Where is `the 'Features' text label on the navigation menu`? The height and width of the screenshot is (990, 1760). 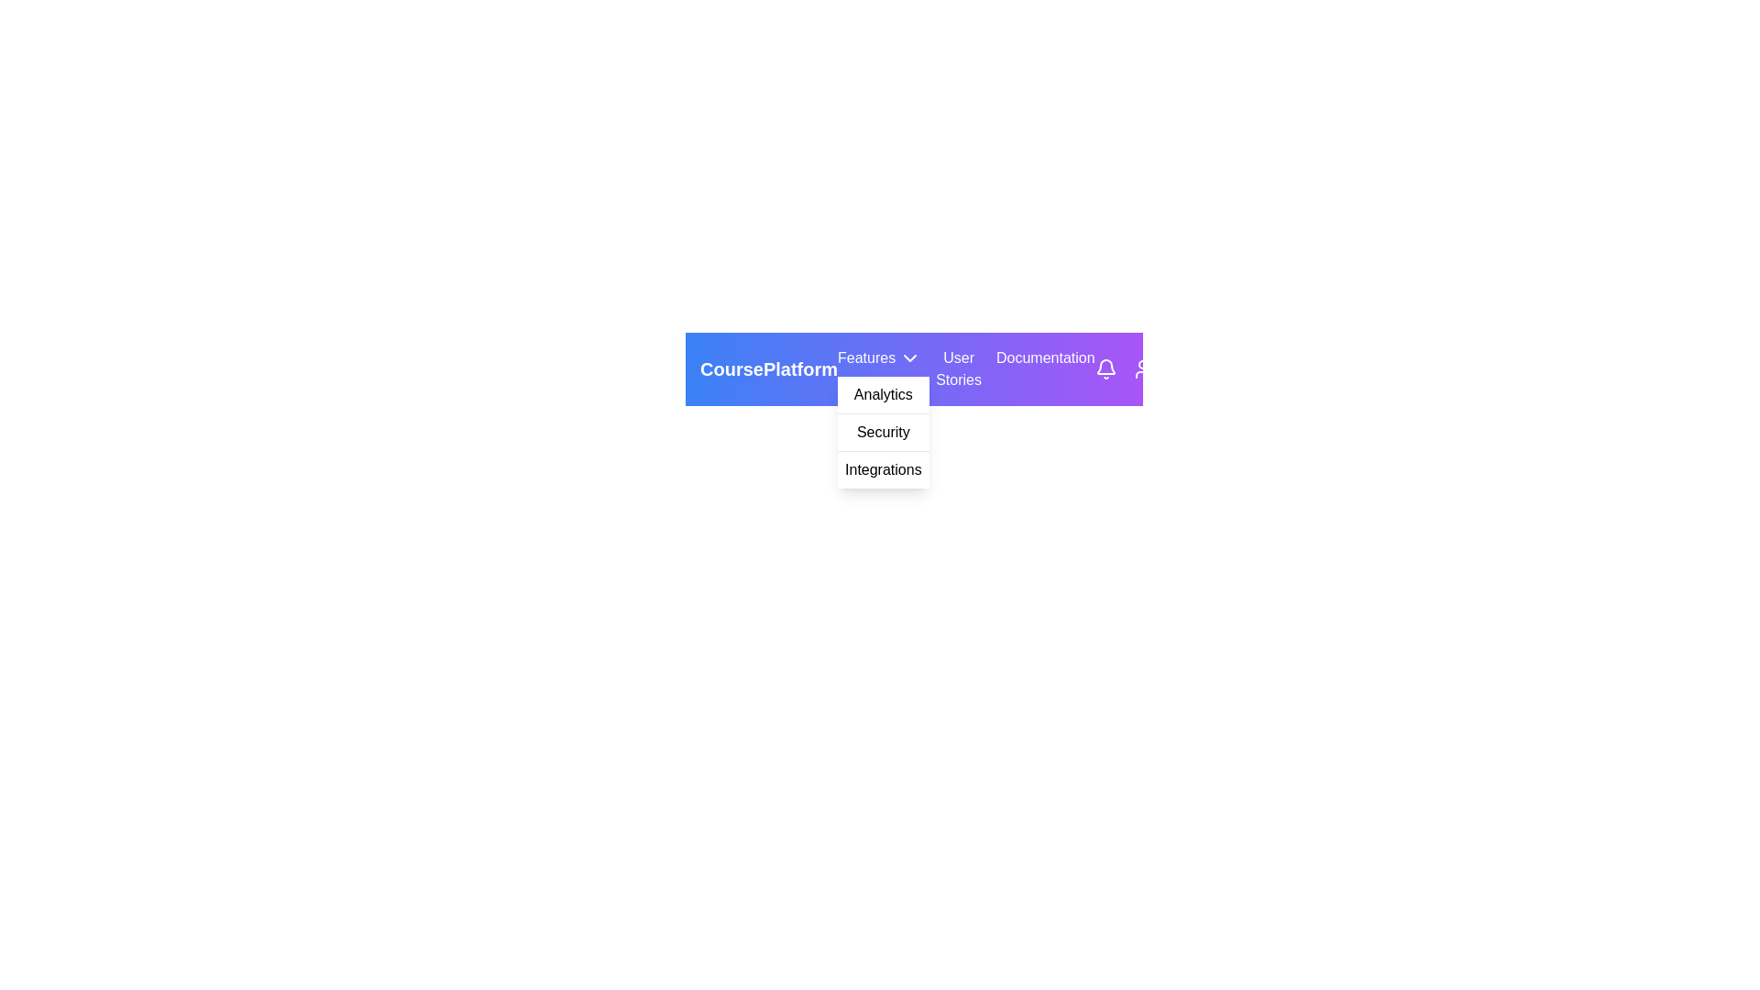 the 'Features' text label on the navigation menu is located at coordinates (865, 357).